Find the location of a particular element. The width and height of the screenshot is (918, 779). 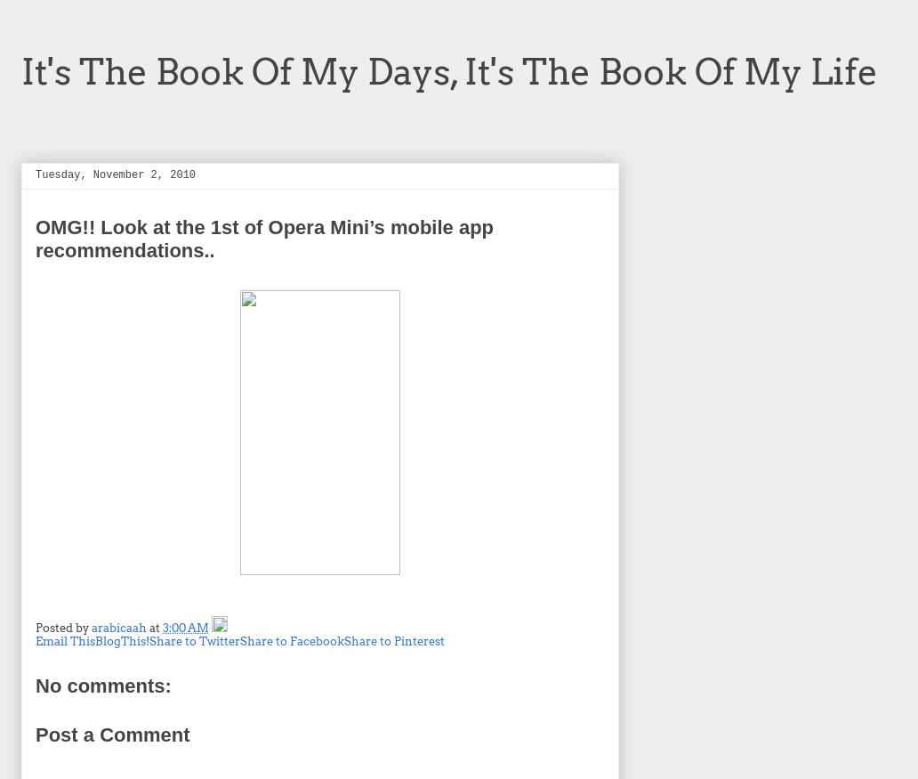

'It's The Book Of My Days, It's The Book Of My Life' is located at coordinates (448, 70).